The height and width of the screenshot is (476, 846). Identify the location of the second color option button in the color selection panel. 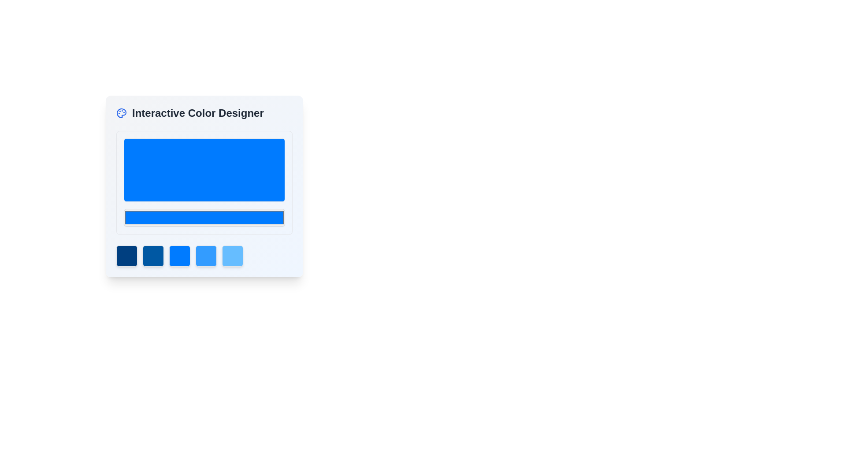
(153, 256).